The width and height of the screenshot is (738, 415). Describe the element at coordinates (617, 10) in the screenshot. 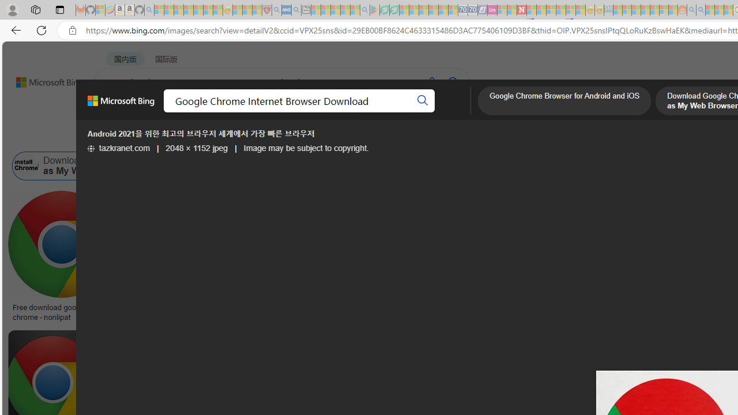

I see `'MSNBC - MSN - Sleeping'` at that location.